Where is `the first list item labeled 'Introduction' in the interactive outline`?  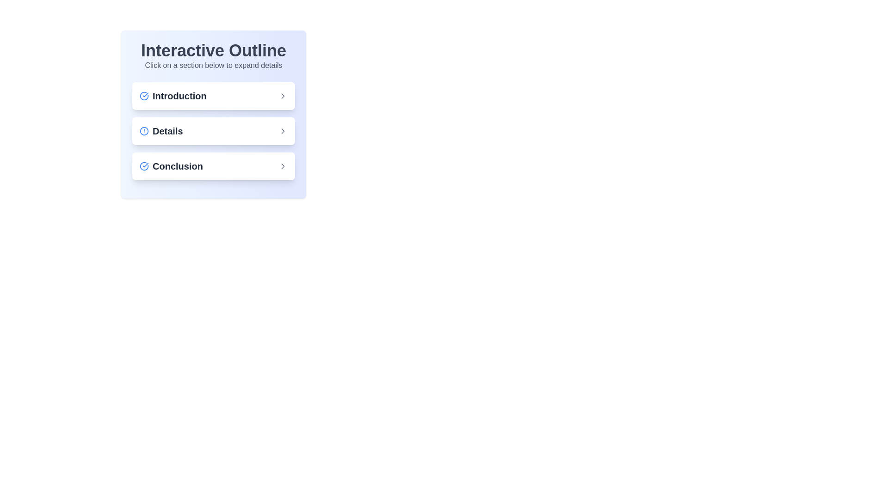
the first list item labeled 'Introduction' in the interactive outline is located at coordinates (213, 96).